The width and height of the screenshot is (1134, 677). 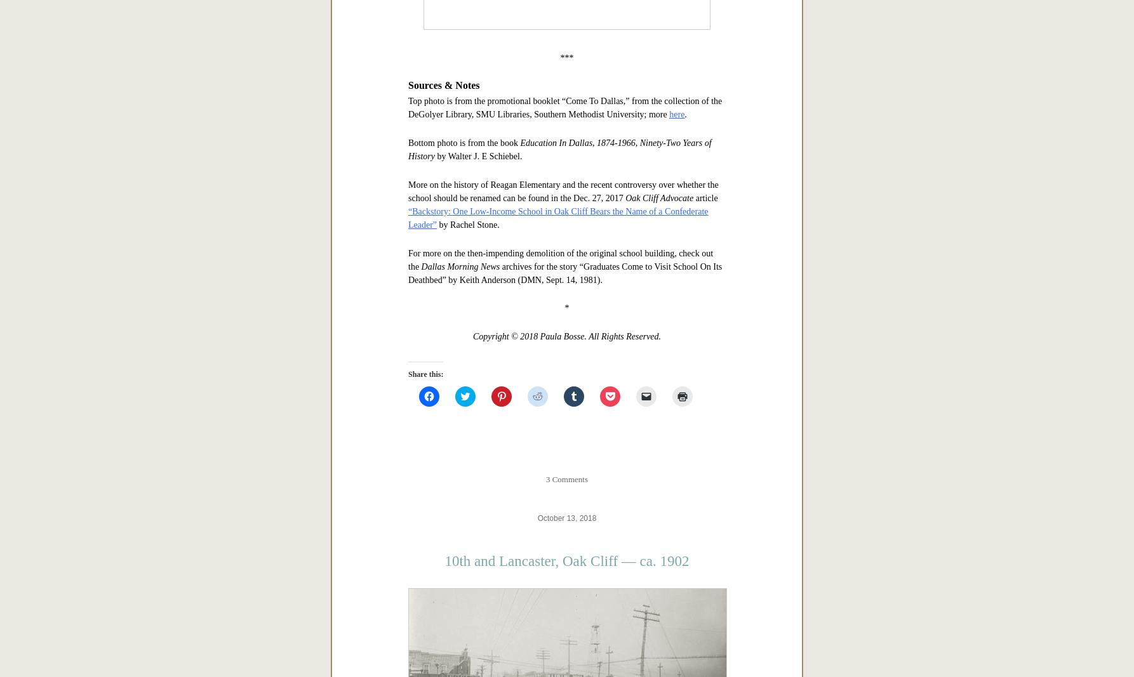 What do you see at coordinates (564, 506) in the screenshot?
I see `'Top photo is from the promotional booklet “Come To Dallas,” from the collection of the DeGolyer Library, SMU Libraries, Southern Methodist University; more'` at bounding box center [564, 506].